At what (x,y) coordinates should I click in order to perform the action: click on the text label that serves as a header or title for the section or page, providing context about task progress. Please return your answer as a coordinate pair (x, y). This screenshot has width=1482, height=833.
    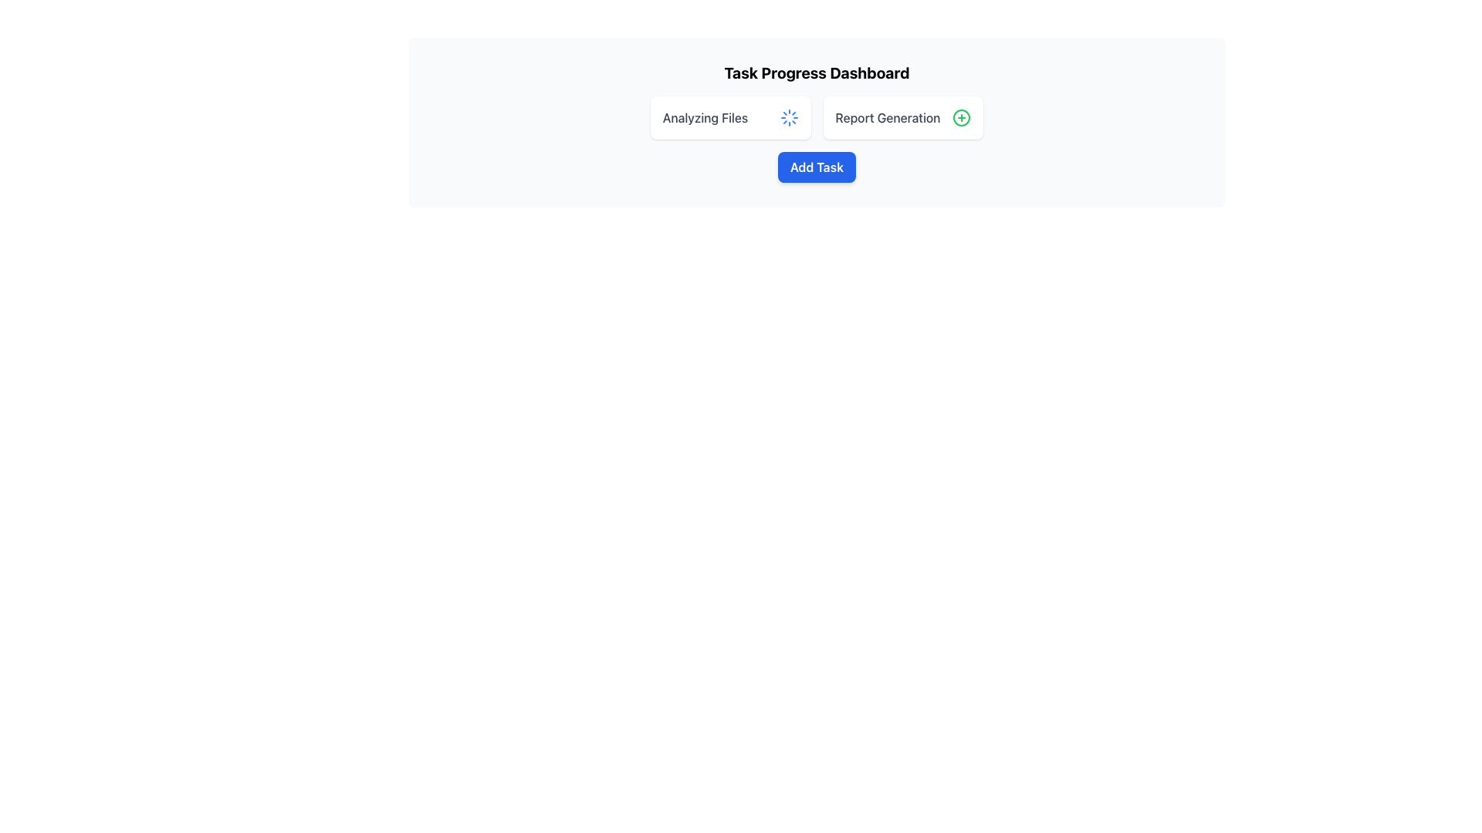
    Looking at the image, I should click on (816, 73).